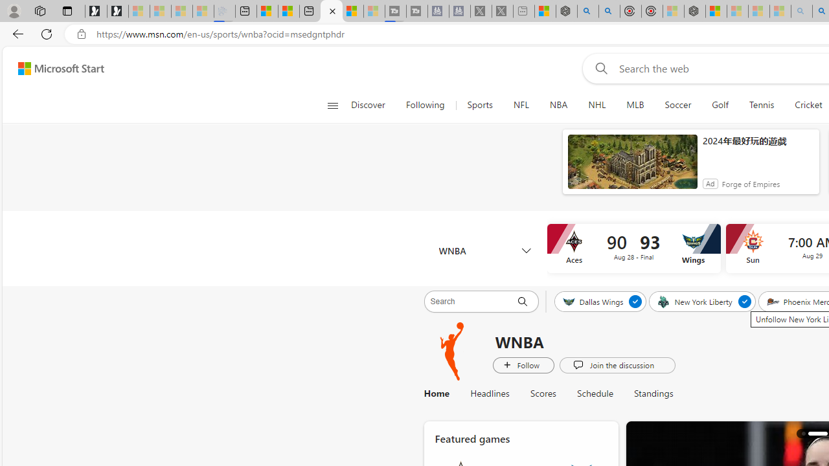 The image size is (829, 466). What do you see at coordinates (332, 105) in the screenshot?
I see `'Class: button-glyph'` at bounding box center [332, 105].